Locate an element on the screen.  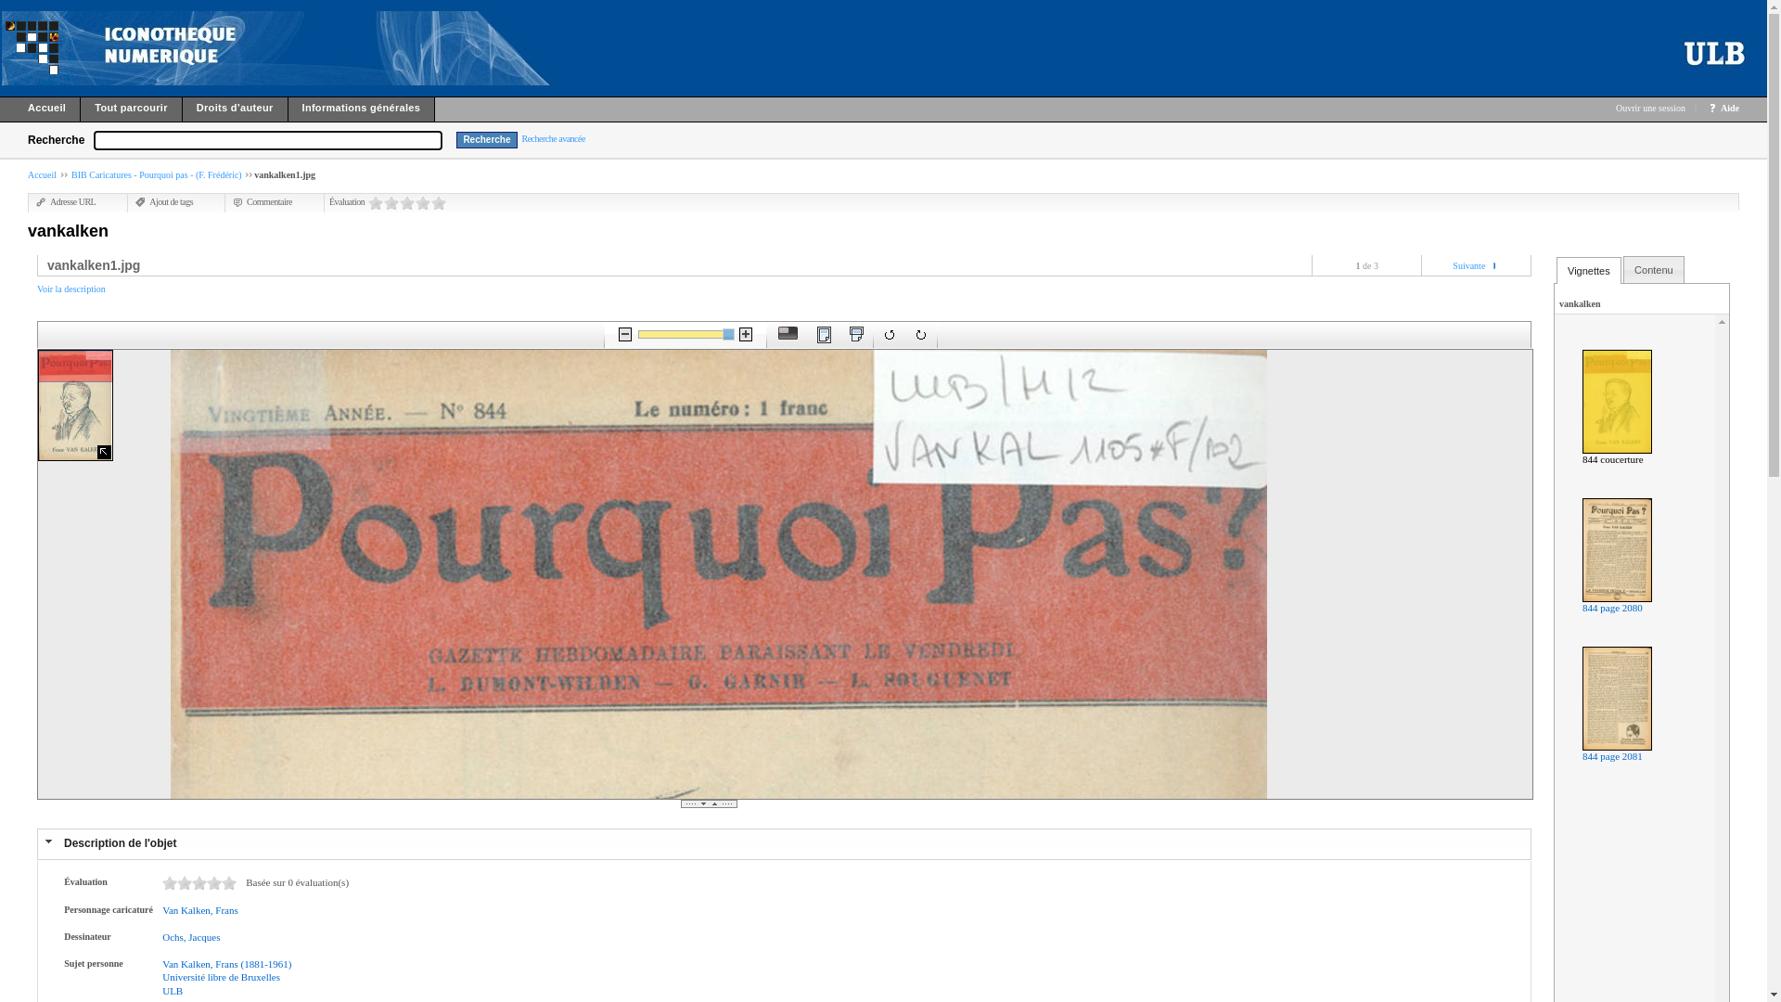
'Ouvrir une session' is located at coordinates (1650, 108).